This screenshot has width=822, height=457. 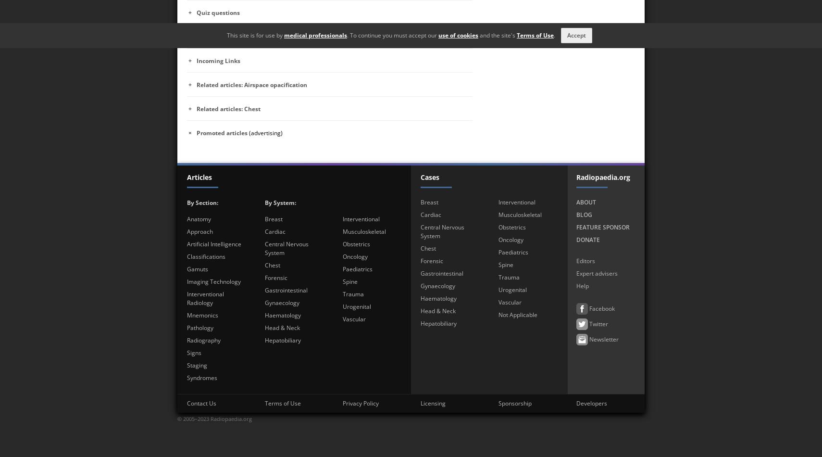 What do you see at coordinates (197, 364) in the screenshot?
I see `'Staging'` at bounding box center [197, 364].